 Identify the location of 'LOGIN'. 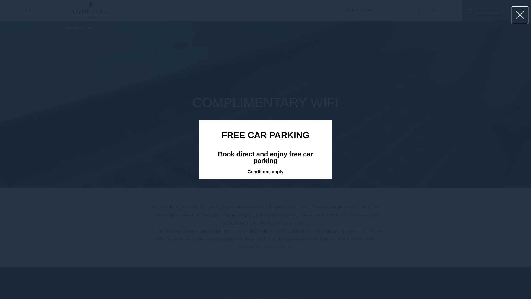
(427, 10).